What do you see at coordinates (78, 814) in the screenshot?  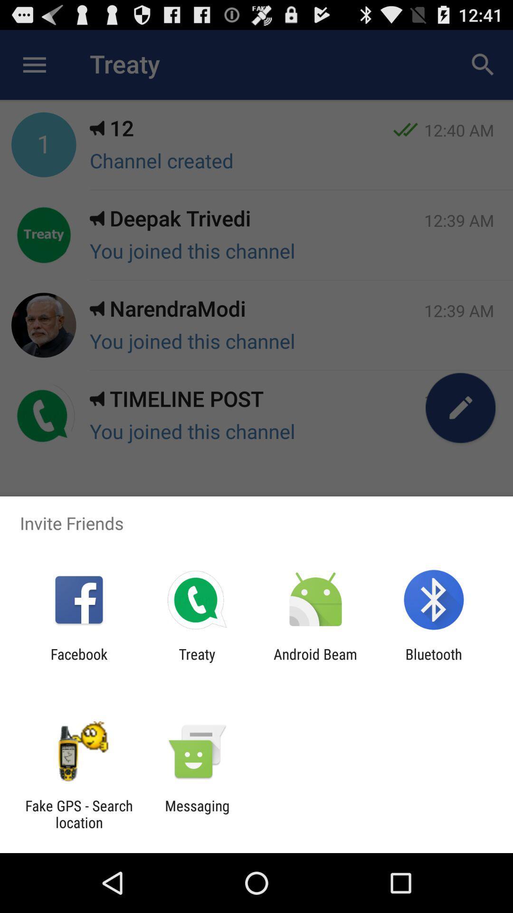 I see `the fake gps search icon` at bounding box center [78, 814].